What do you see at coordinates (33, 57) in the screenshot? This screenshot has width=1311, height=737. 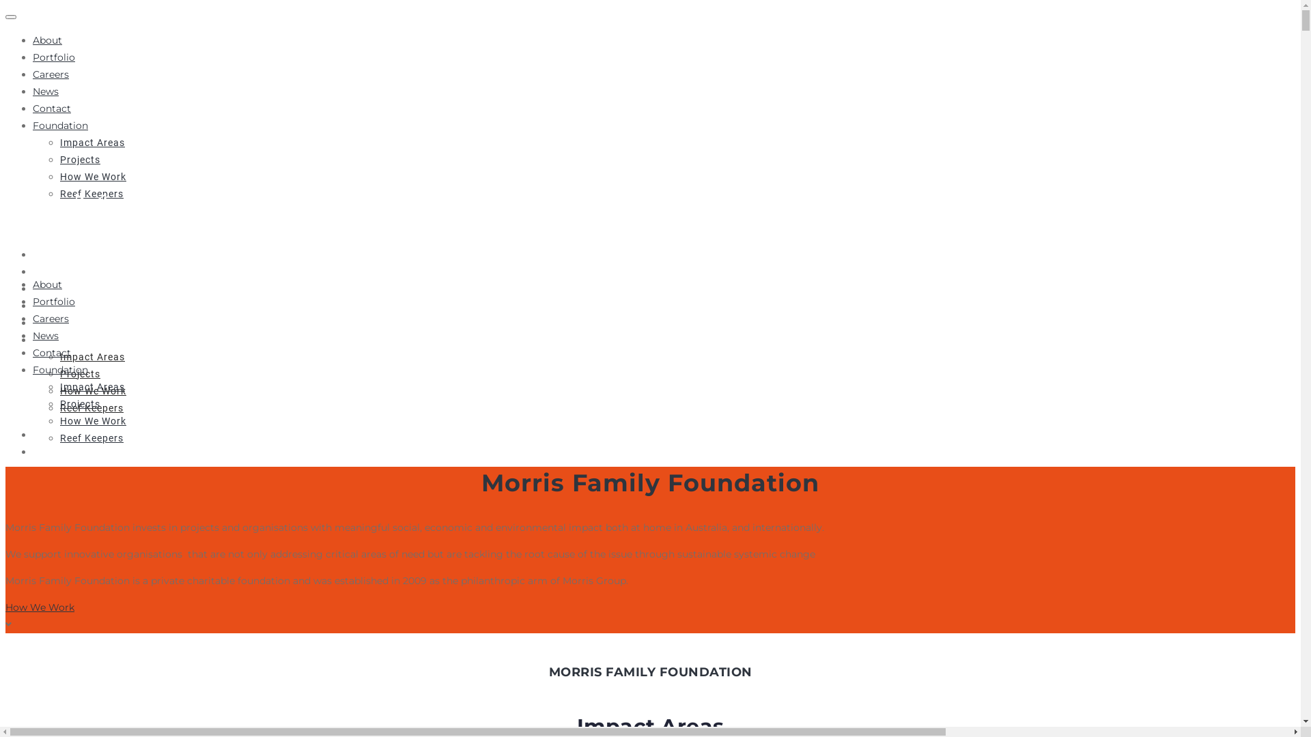 I see `'Portfolio'` at bounding box center [33, 57].